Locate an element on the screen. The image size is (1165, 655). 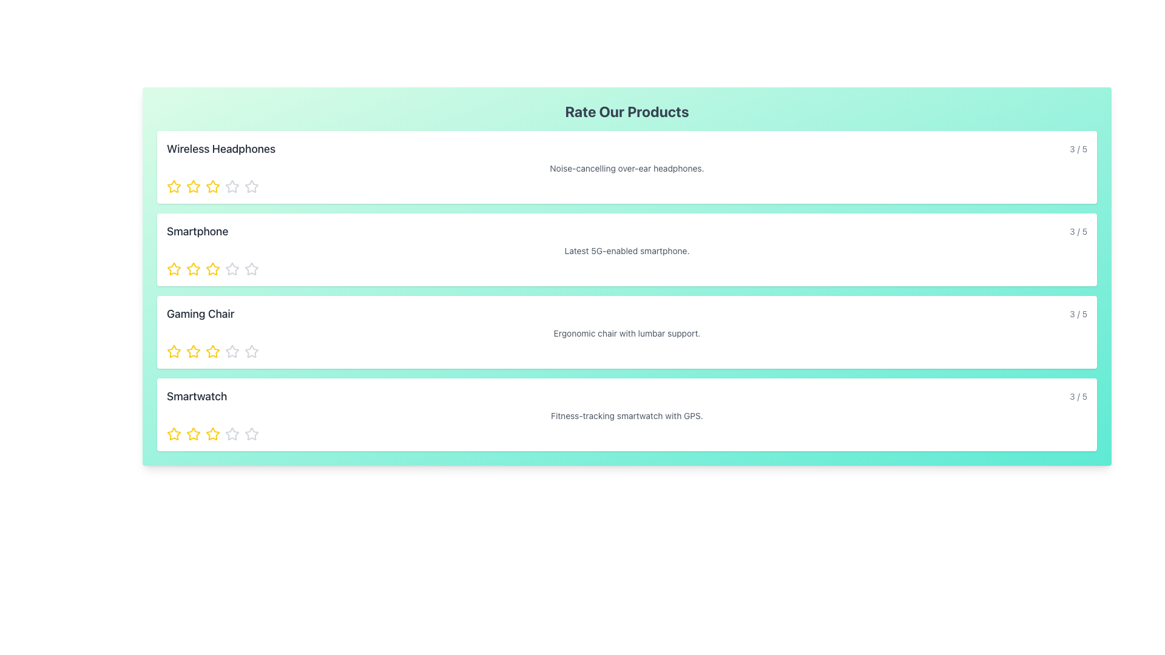
the fourth star icon is located at coordinates (232, 351).